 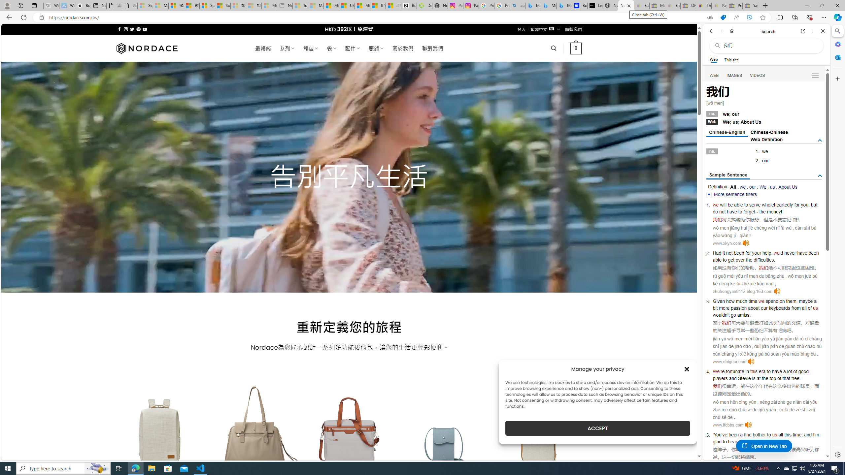 I want to click on 'Microsoft Bing Travel - Shangri-La Hotel Bangkok', so click(x=564, y=5).